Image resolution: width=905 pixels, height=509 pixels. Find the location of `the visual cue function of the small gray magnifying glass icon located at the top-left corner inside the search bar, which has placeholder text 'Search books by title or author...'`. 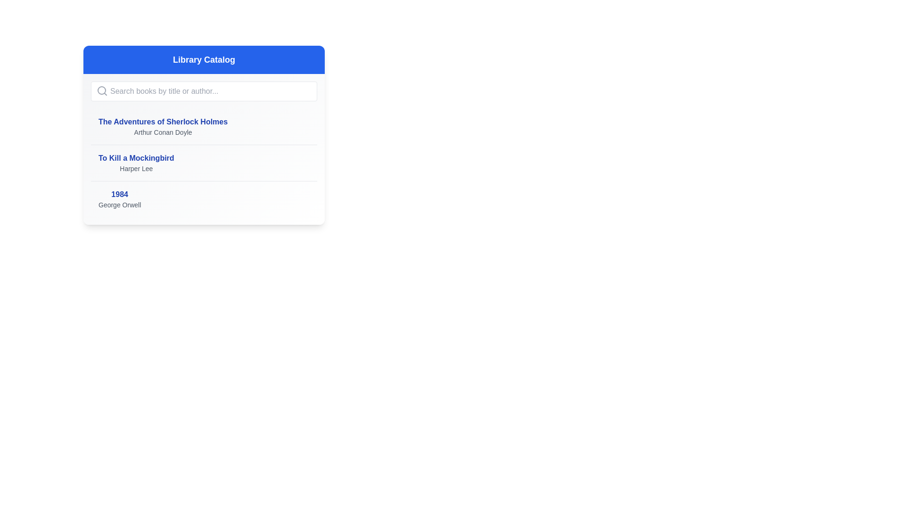

the visual cue function of the small gray magnifying glass icon located at the top-left corner inside the search bar, which has placeholder text 'Search books by title or author...' is located at coordinates (102, 90).